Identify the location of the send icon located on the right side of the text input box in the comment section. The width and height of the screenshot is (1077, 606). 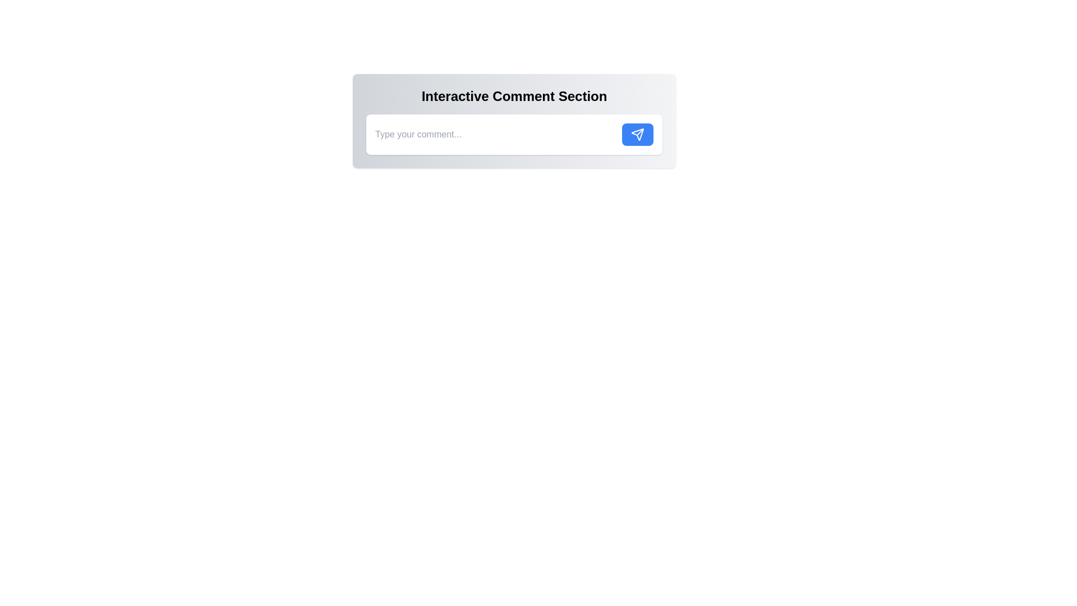
(638, 134).